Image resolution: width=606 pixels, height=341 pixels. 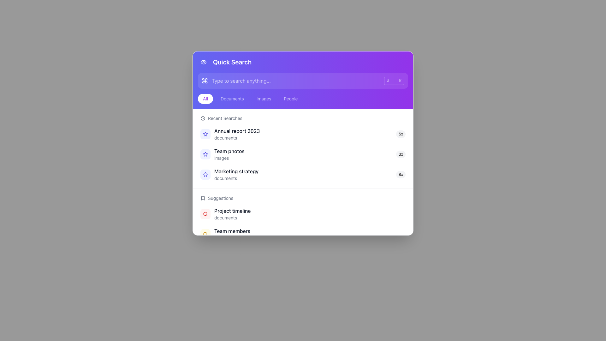 I want to click on the first interactive list item in the 'Suggestions' section that is related to 'Project timeline' documents, so click(x=303, y=214).